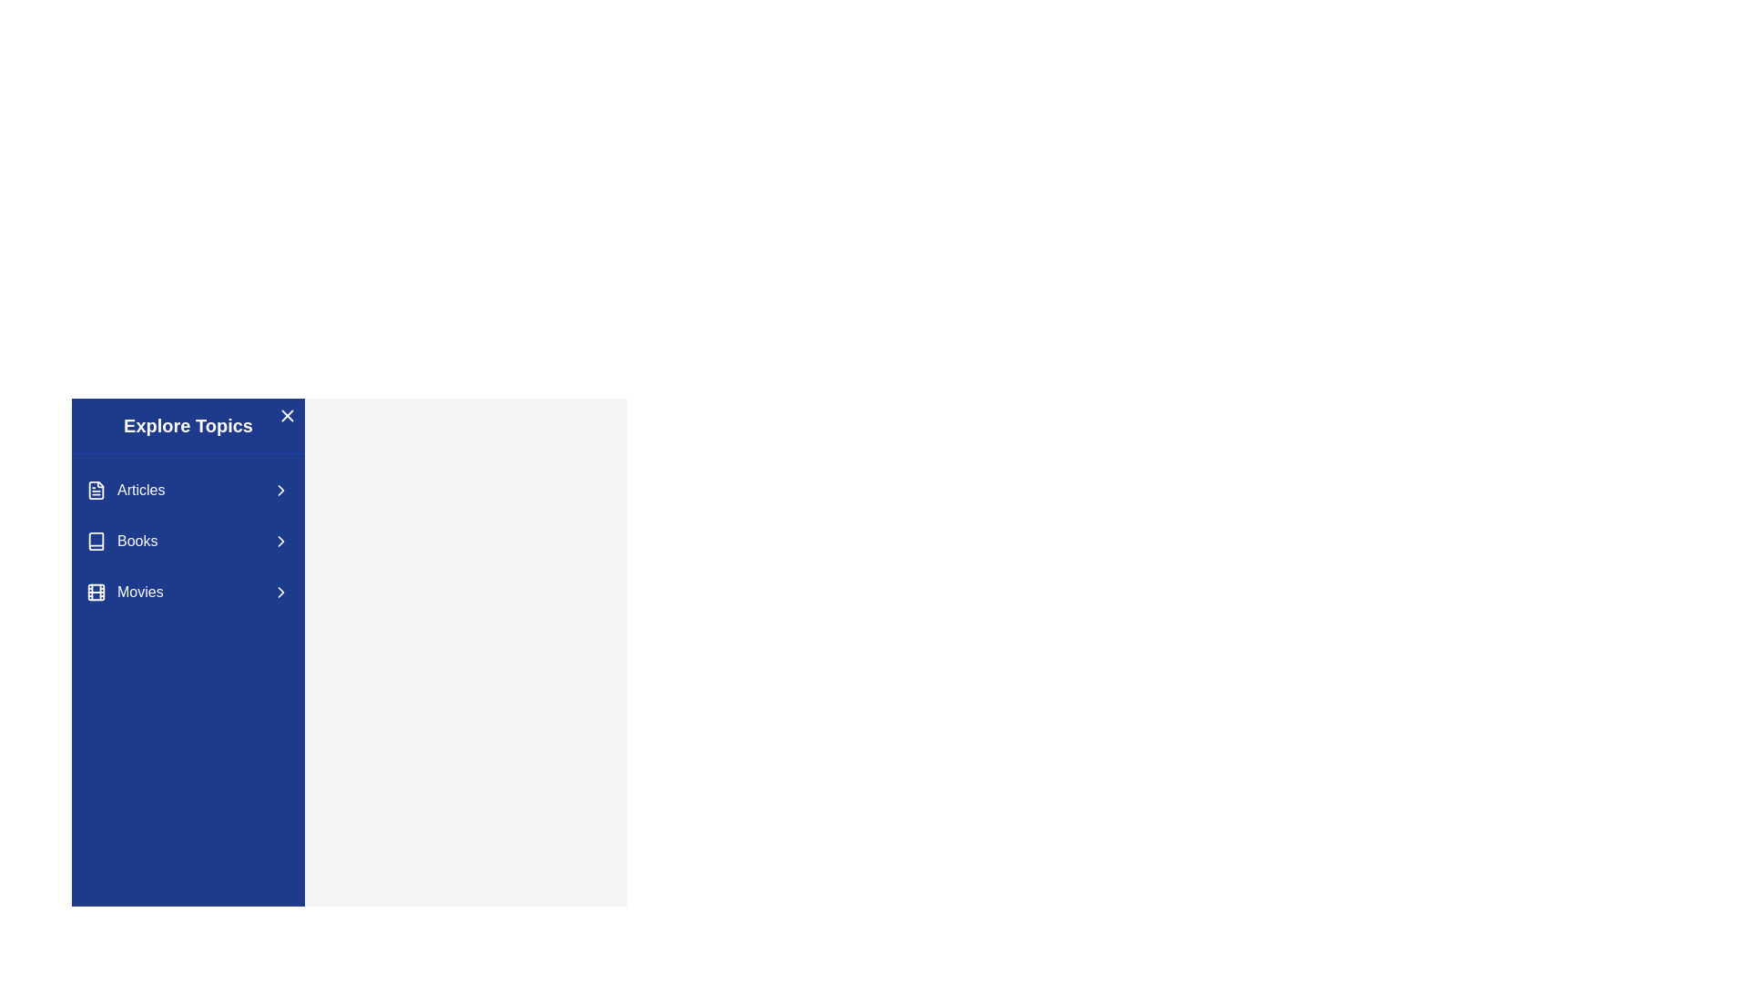 This screenshot has width=1748, height=983. What do you see at coordinates (95, 593) in the screenshot?
I see `the Decorative SVG rectangle styled as a film reel icon in the 'Movies' section of the sidebar menu` at bounding box center [95, 593].